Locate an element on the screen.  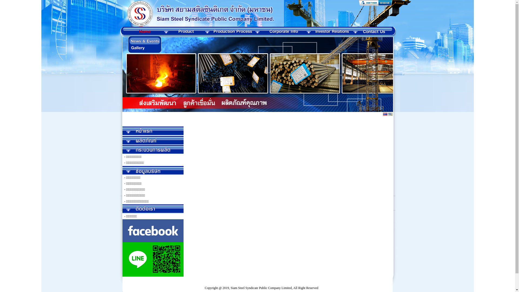
'fb' is located at coordinates (152, 231).